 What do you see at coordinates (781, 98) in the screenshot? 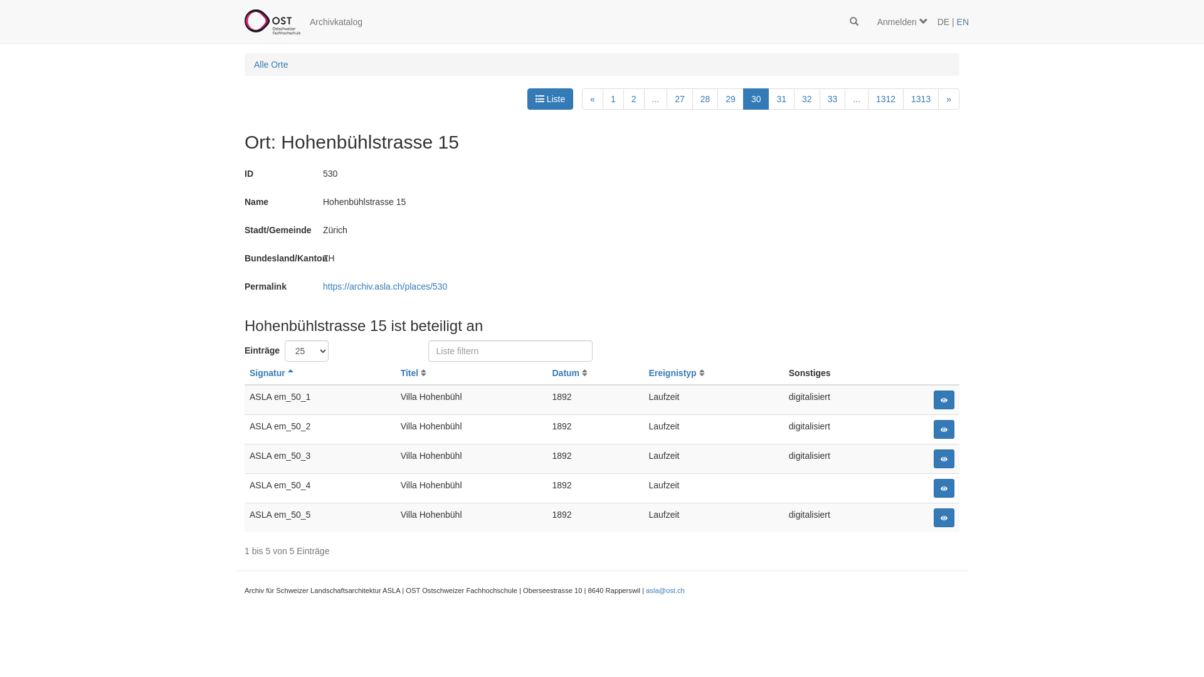
I see `'31'` at bounding box center [781, 98].